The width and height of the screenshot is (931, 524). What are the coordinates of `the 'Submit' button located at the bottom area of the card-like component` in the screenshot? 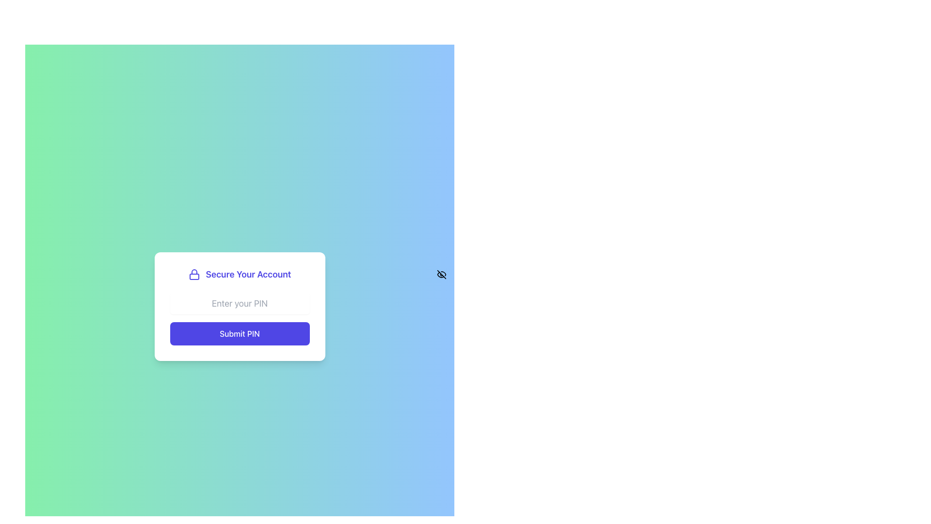 It's located at (240, 333).